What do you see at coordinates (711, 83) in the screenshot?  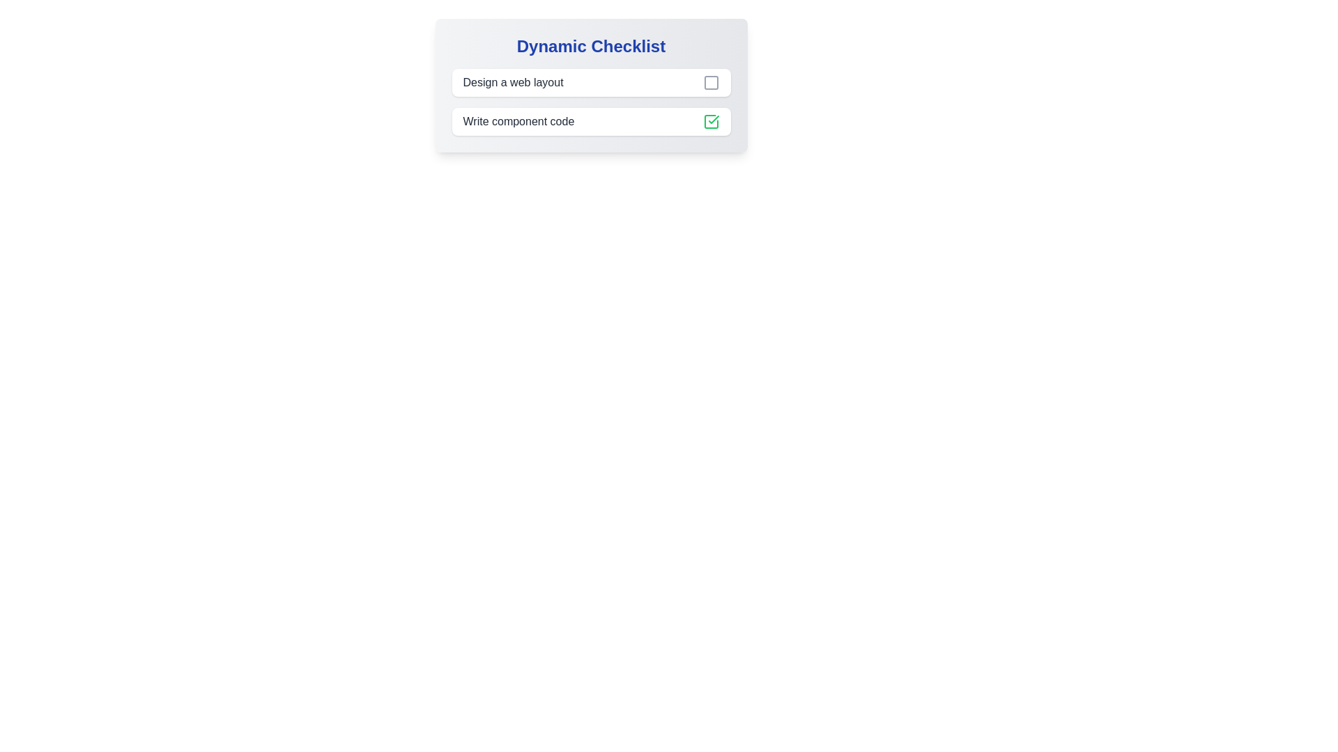 I see `the inactive checkbox` at bounding box center [711, 83].